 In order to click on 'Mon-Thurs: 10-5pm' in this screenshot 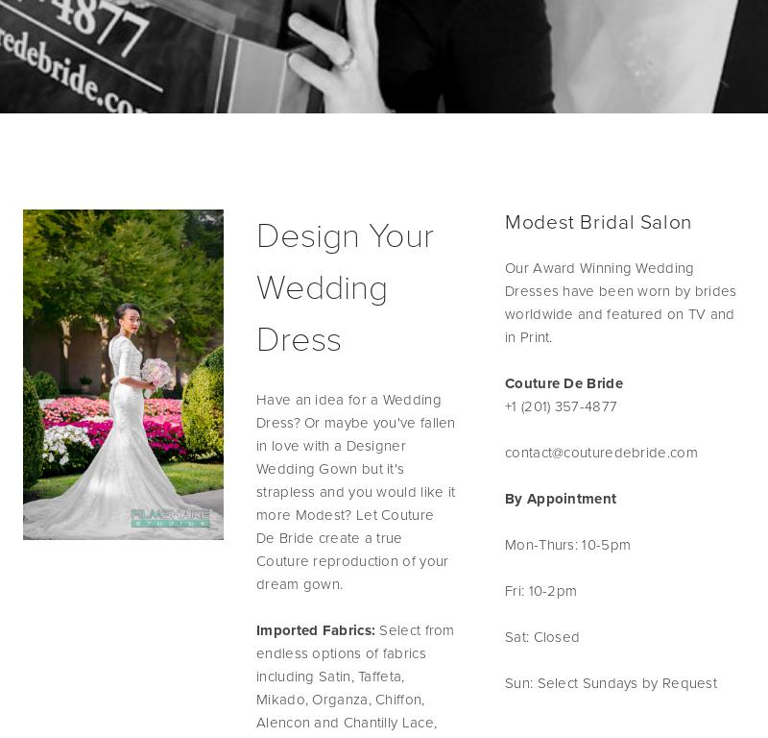, I will do `click(504, 544)`.